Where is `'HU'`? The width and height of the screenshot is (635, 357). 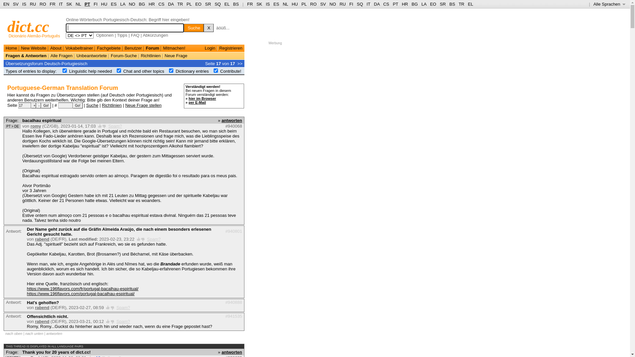 'HU' is located at coordinates (294, 4).